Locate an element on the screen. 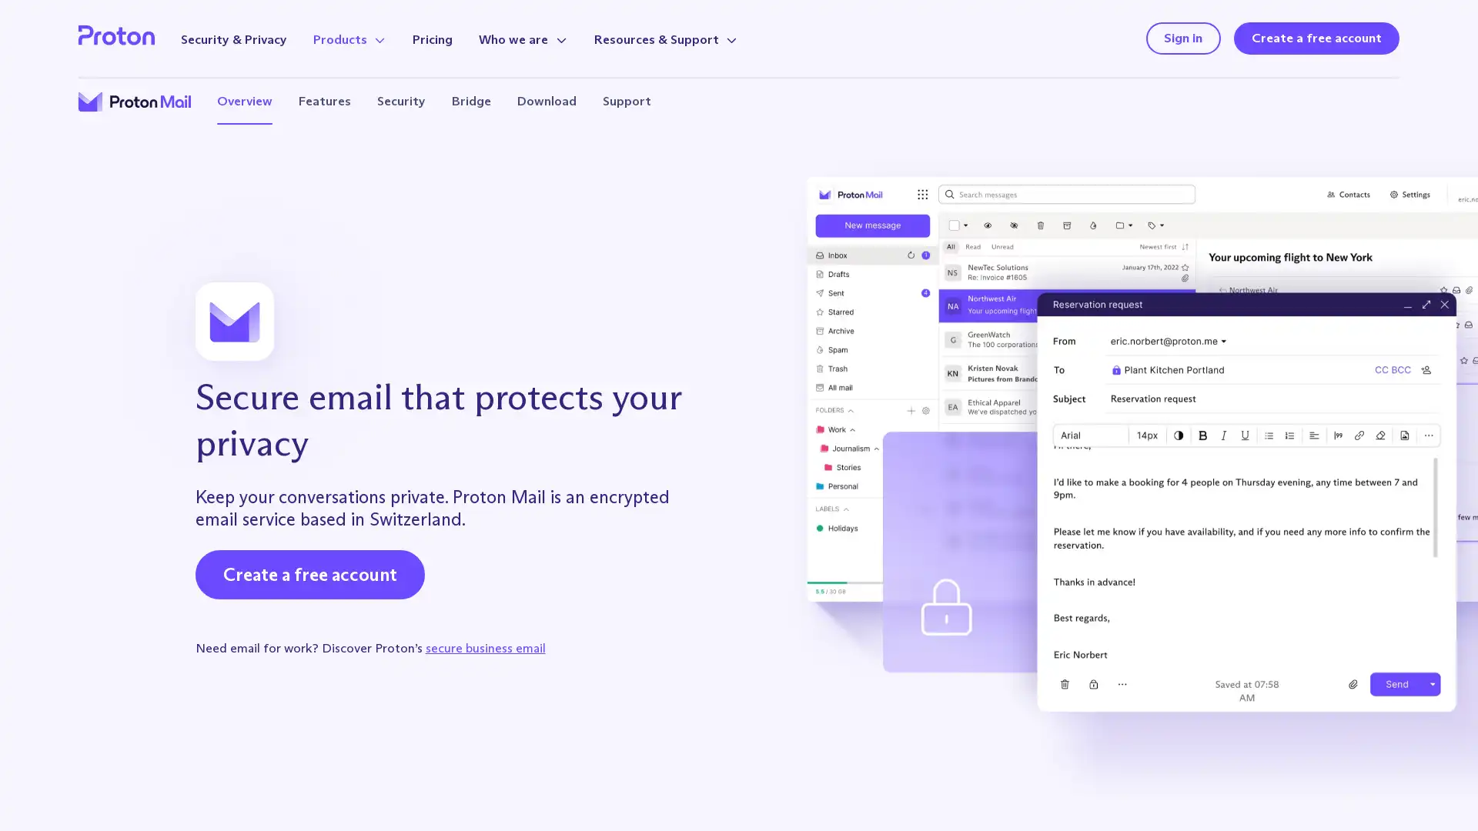 This screenshot has height=831, width=1478. Who we are is located at coordinates (523, 38).